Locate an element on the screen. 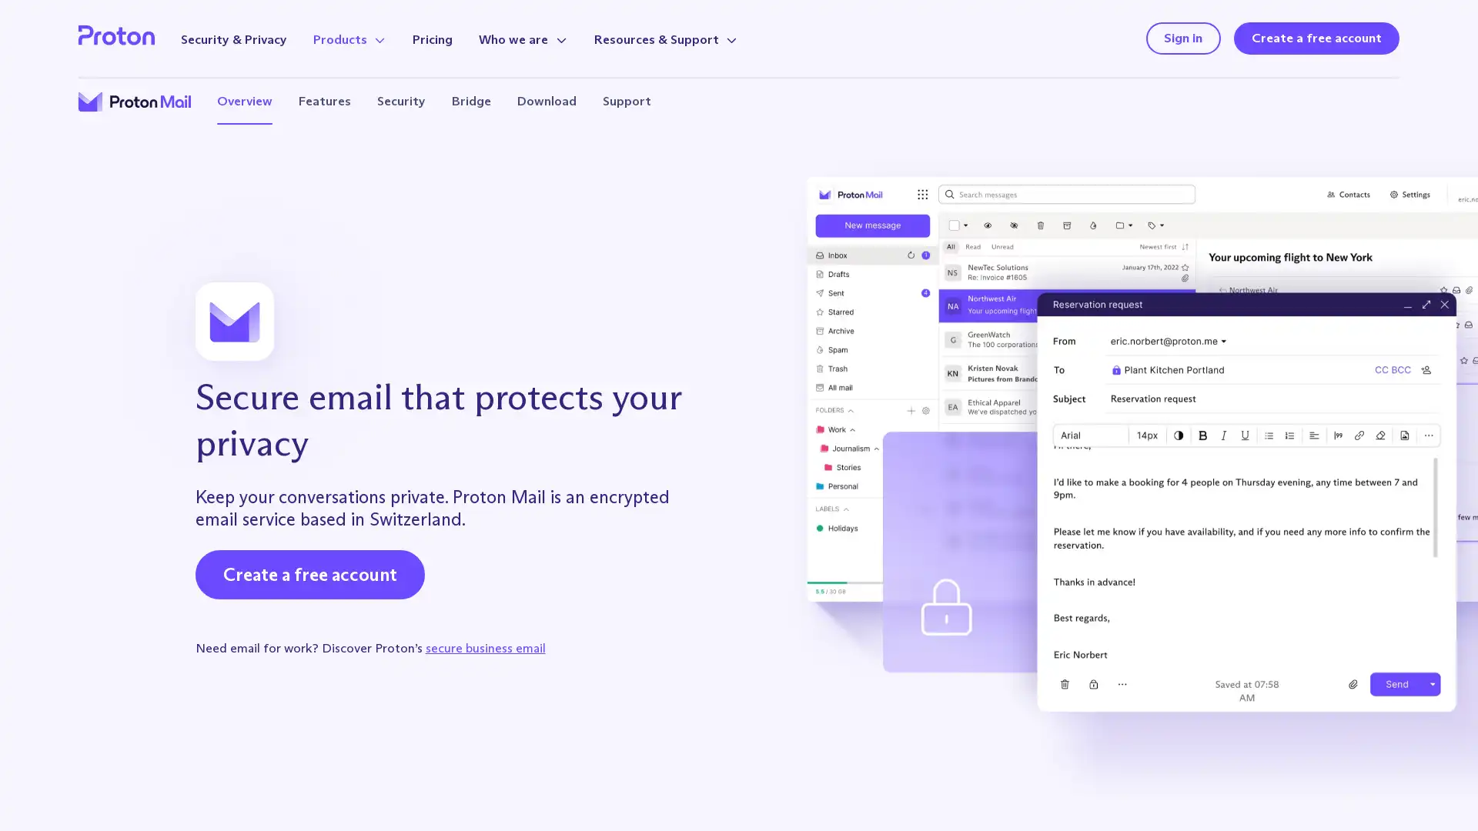 This screenshot has height=831, width=1478. Who we are is located at coordinates (523, 38).